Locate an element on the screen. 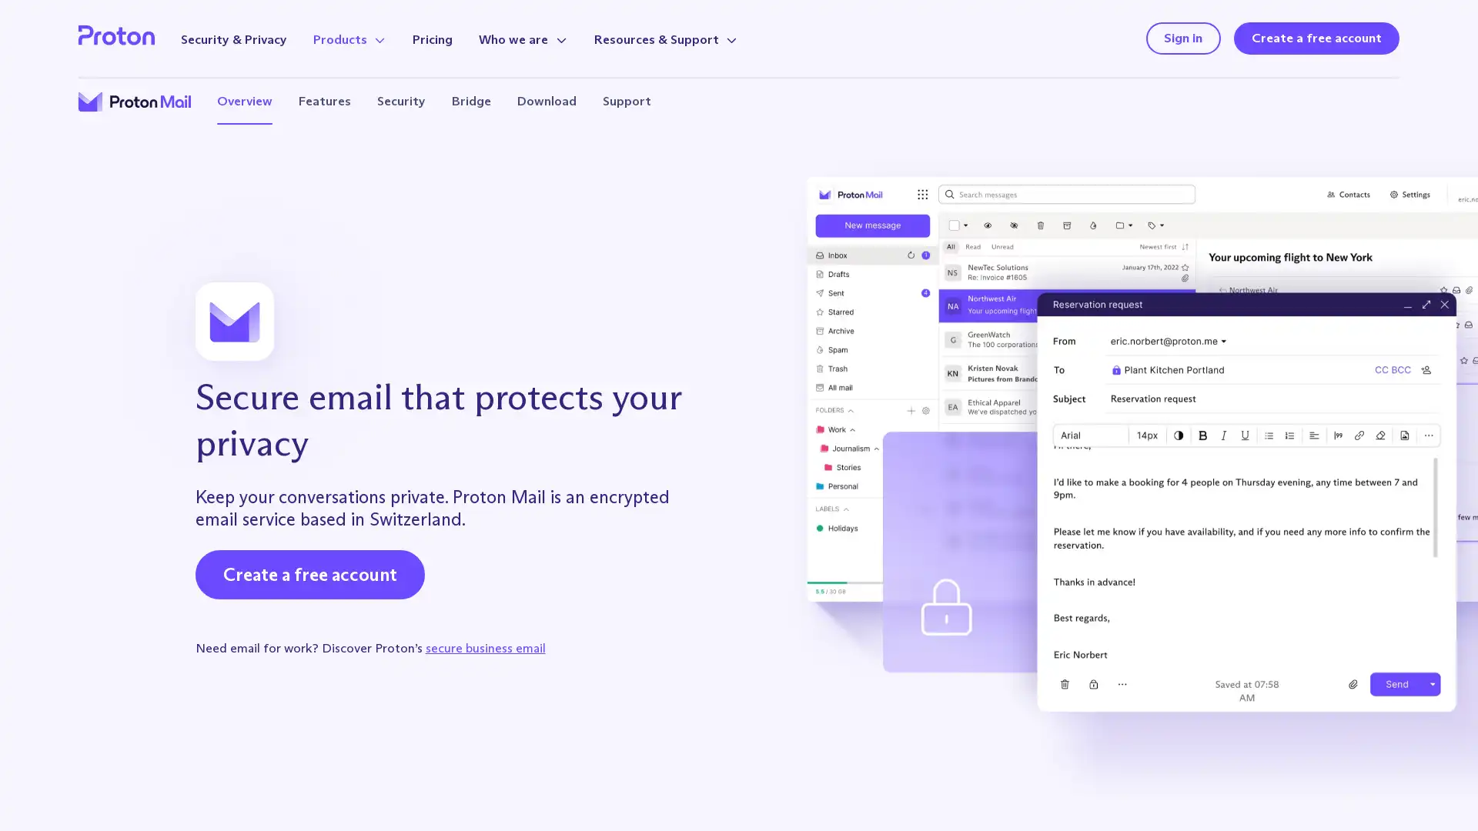 This screenshot has height=831, width=1478. Who we are is located at coordinates (523, 38).